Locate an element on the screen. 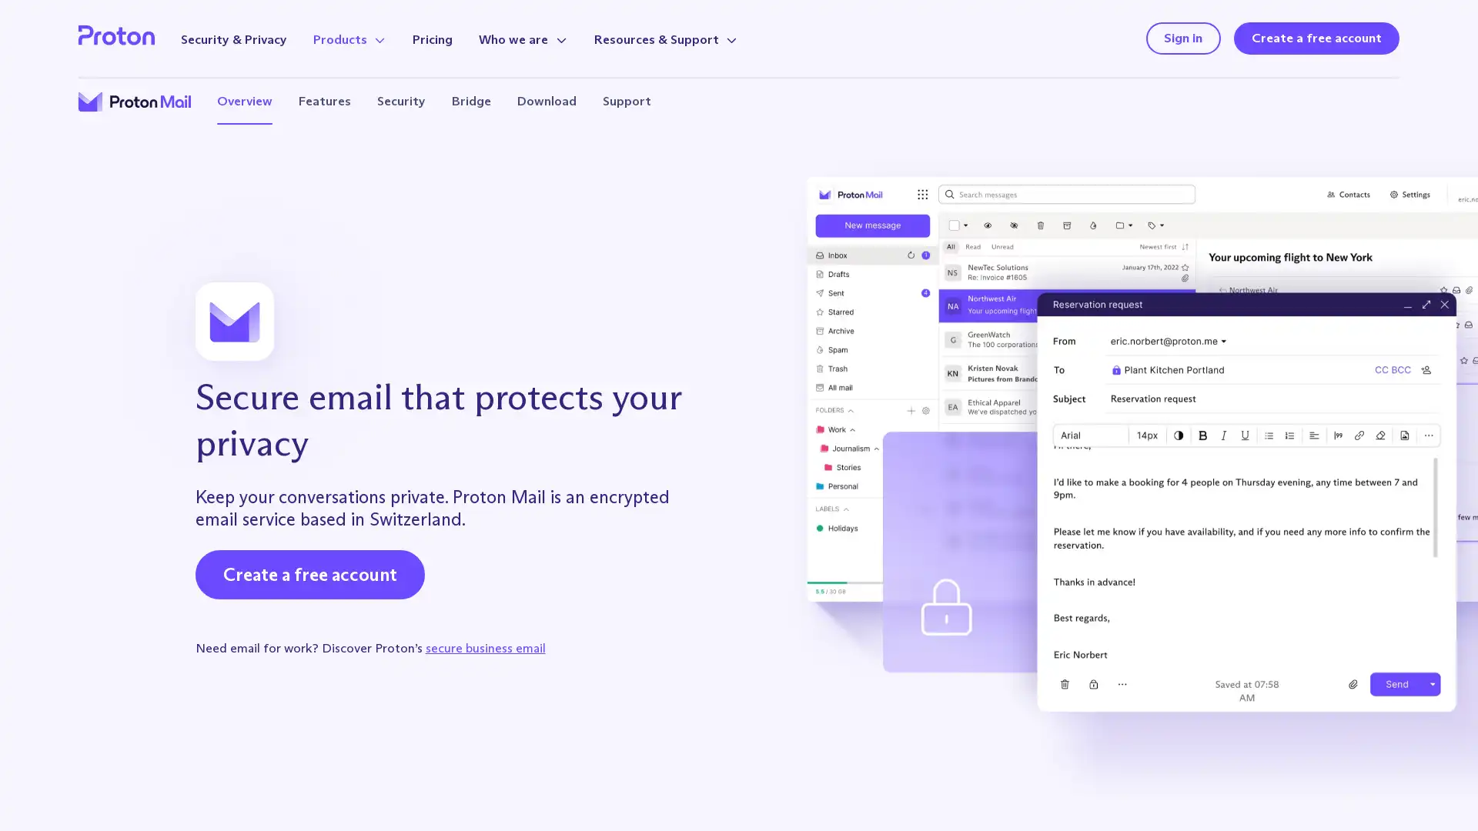 This screenshot has height=831, width=1478. Who we are is located at coordinates (523, 38).